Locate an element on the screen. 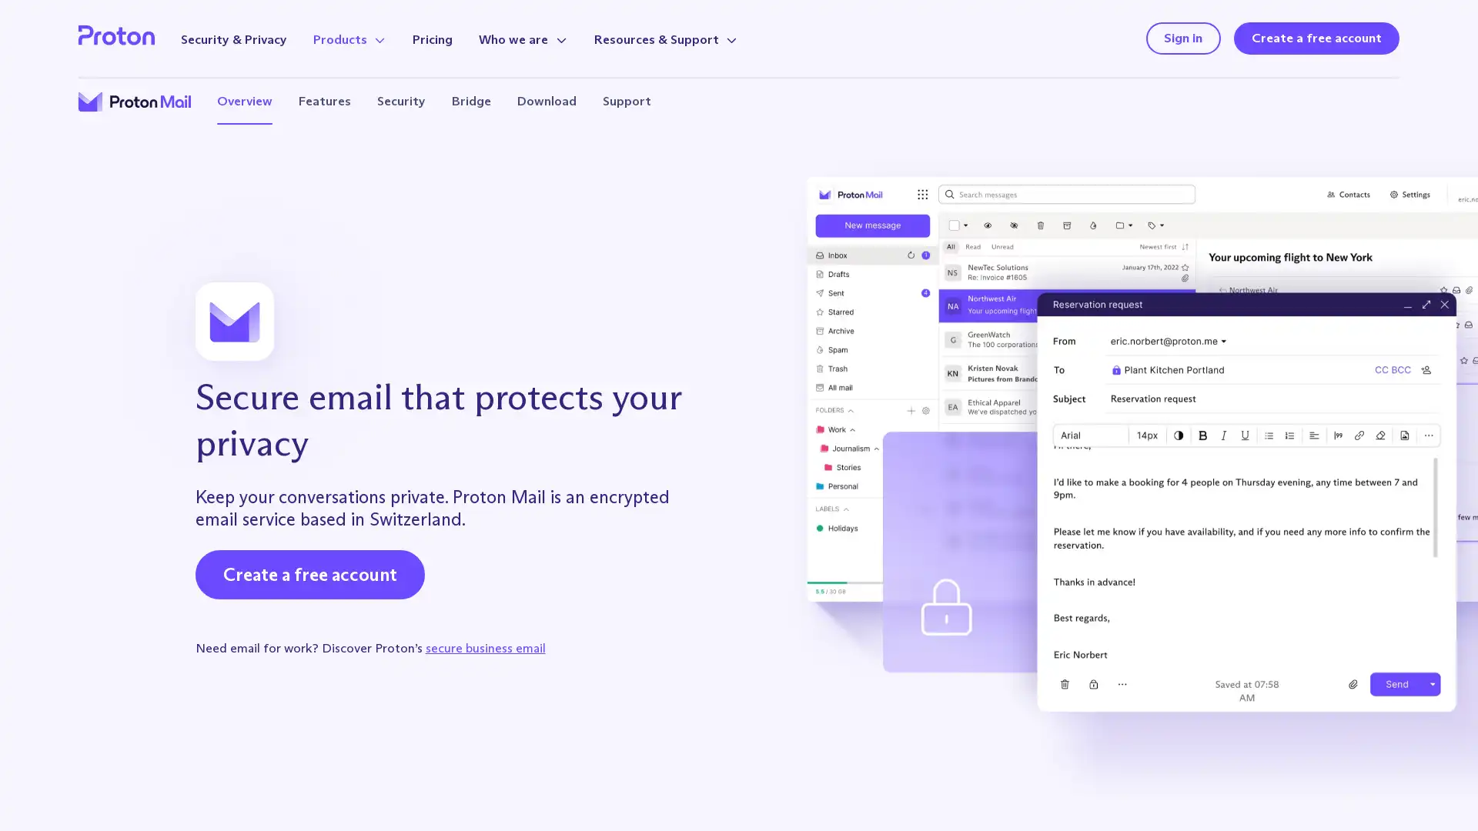 This screenshot has height=831, width=1478. Who we are is located at coordinates (523, 38).